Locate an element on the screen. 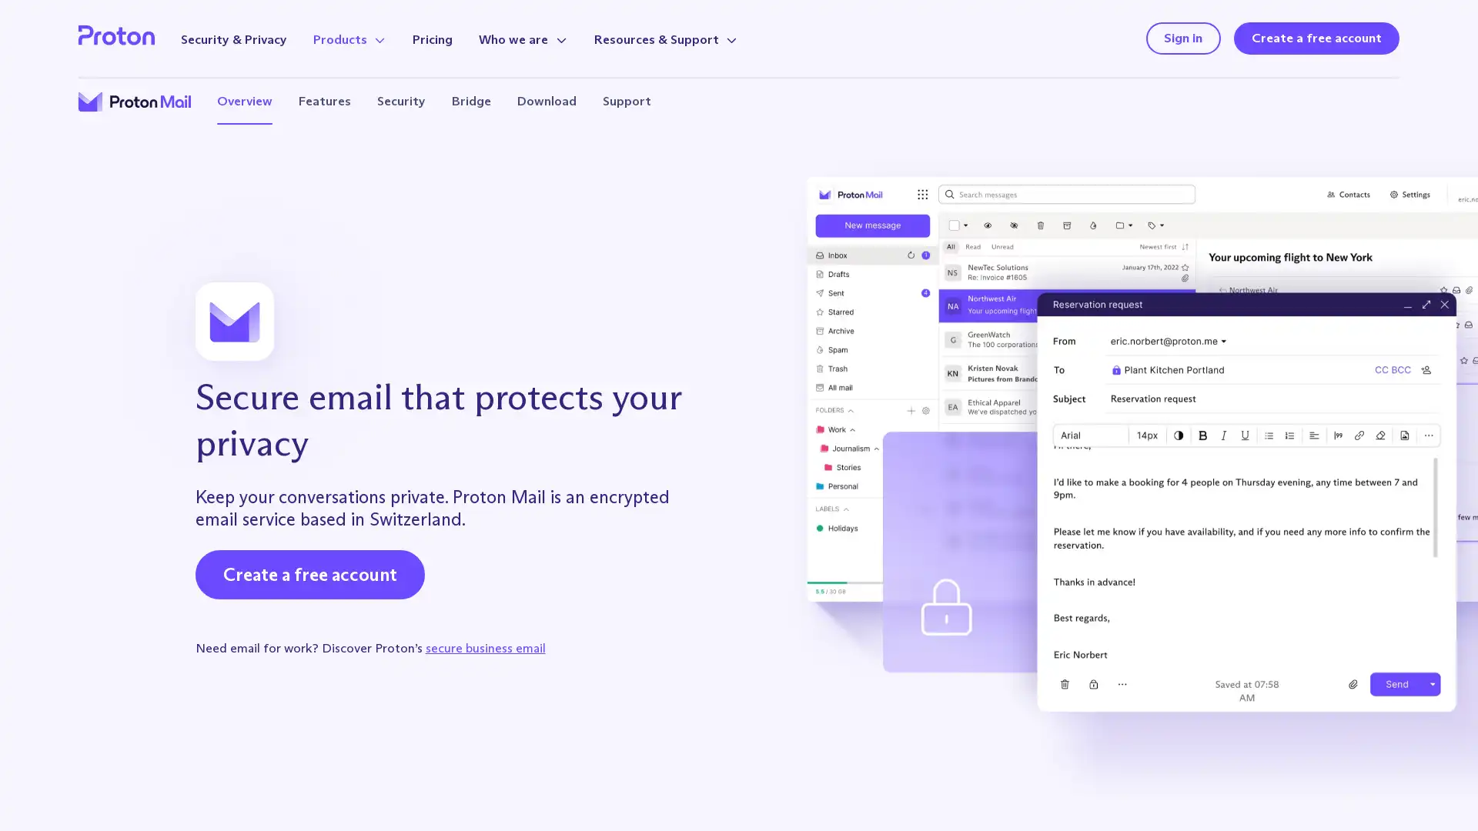 This screenshot has height=831, width=1478. Who we are is located at coordinates (523, 38).